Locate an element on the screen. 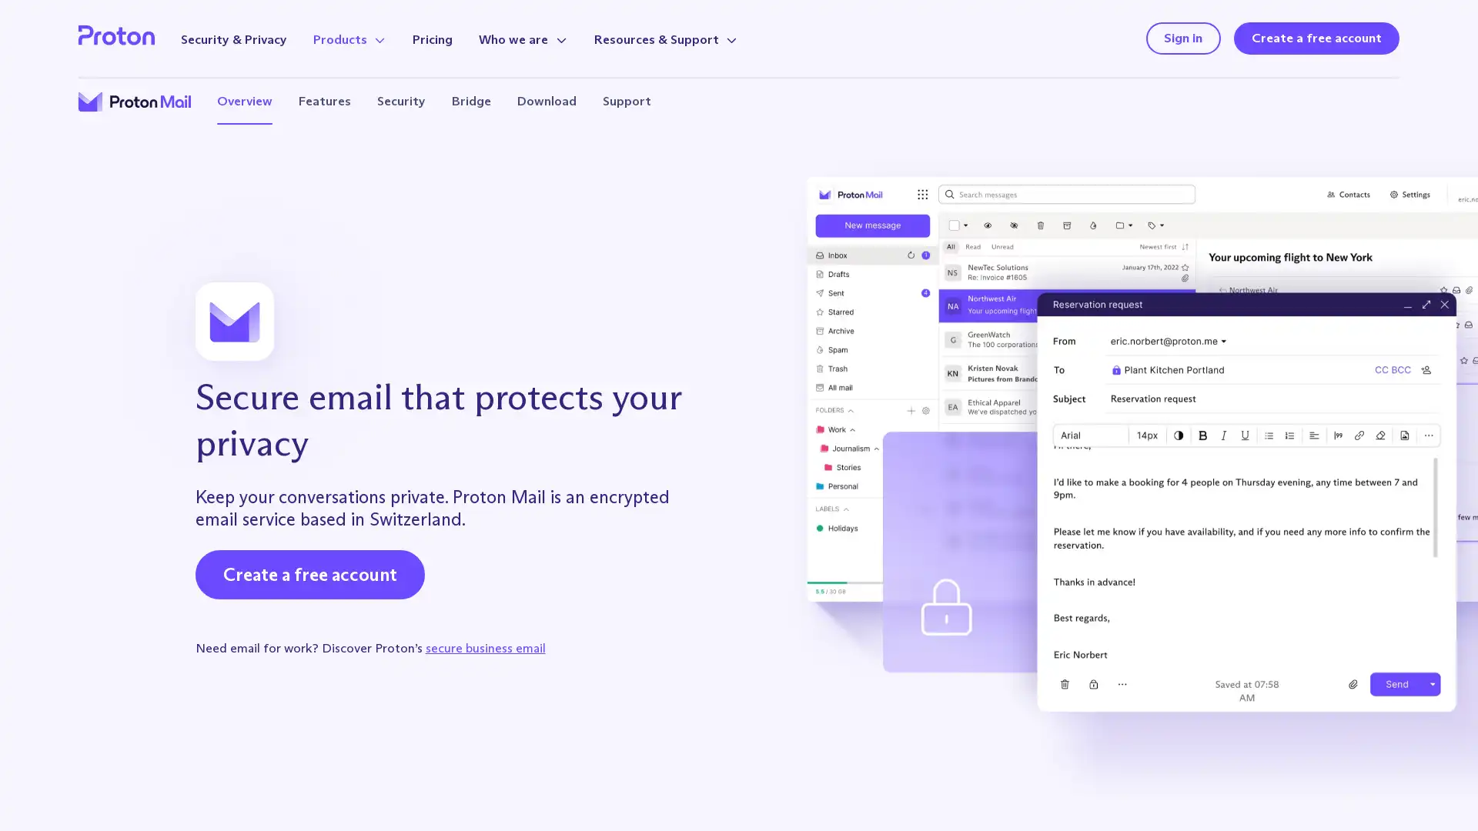 This screenshot has height=831, width=1478. Who we are is located at coordinates (523, 38).